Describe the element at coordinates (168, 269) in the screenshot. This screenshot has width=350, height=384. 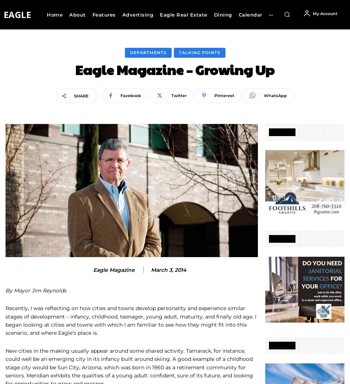
I see `'March 3, 2014'` at that location.